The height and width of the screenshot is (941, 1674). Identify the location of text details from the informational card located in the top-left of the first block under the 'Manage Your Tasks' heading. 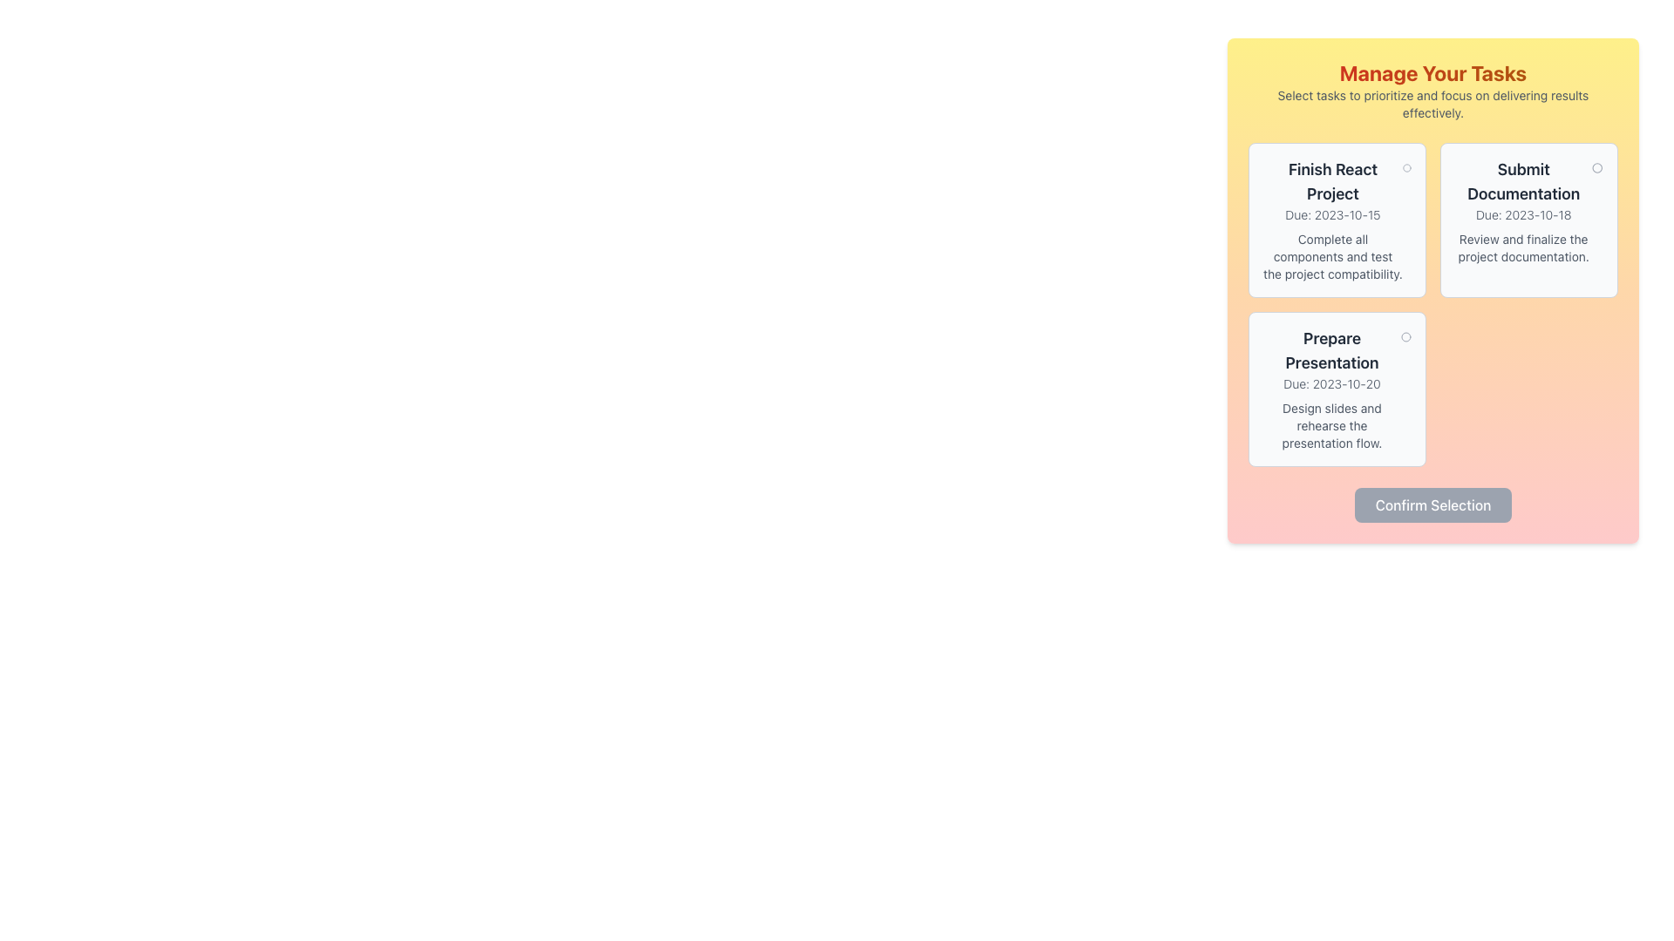
(1332, 220).